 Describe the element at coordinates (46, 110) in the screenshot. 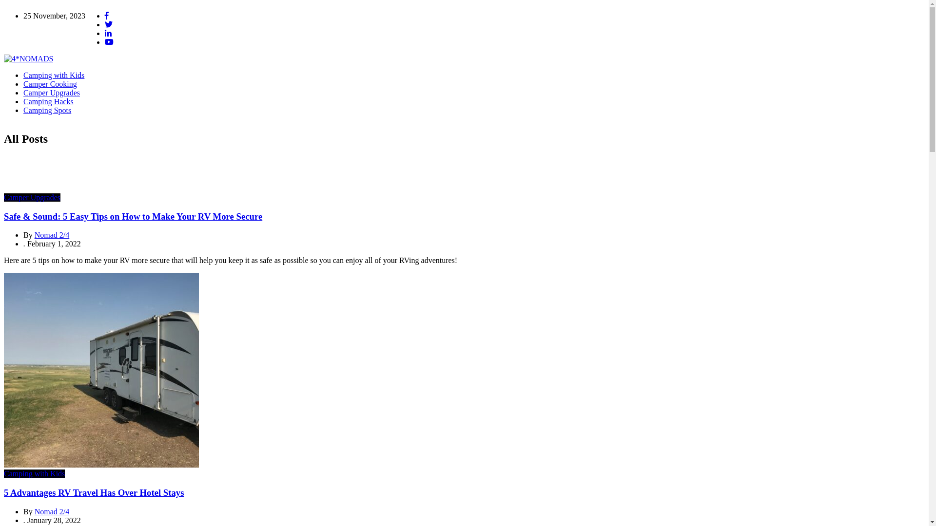

I see `'Camping Spots'` at that location.